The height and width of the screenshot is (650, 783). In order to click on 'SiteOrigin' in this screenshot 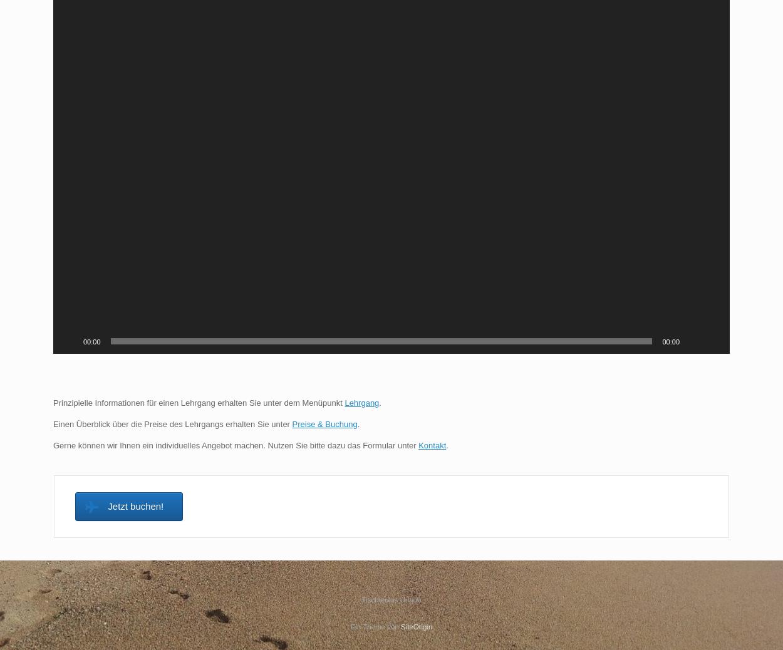, I will do `click(400, 626)`.